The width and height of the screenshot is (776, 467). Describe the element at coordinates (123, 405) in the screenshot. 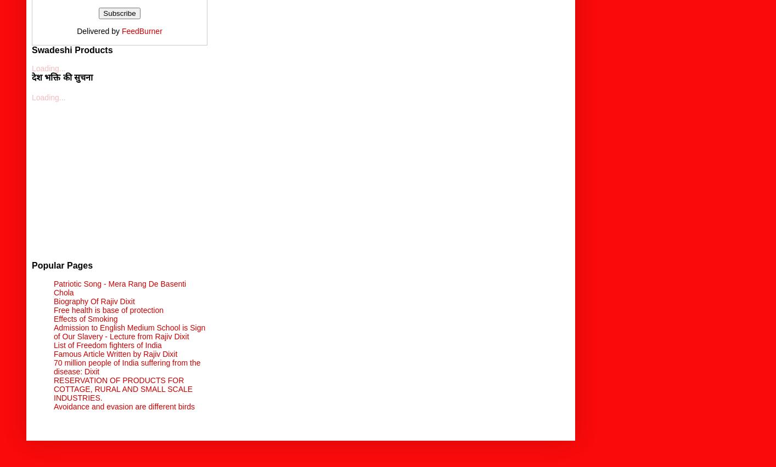

I see `'Avoidance and evasion are different birds'` at that location.